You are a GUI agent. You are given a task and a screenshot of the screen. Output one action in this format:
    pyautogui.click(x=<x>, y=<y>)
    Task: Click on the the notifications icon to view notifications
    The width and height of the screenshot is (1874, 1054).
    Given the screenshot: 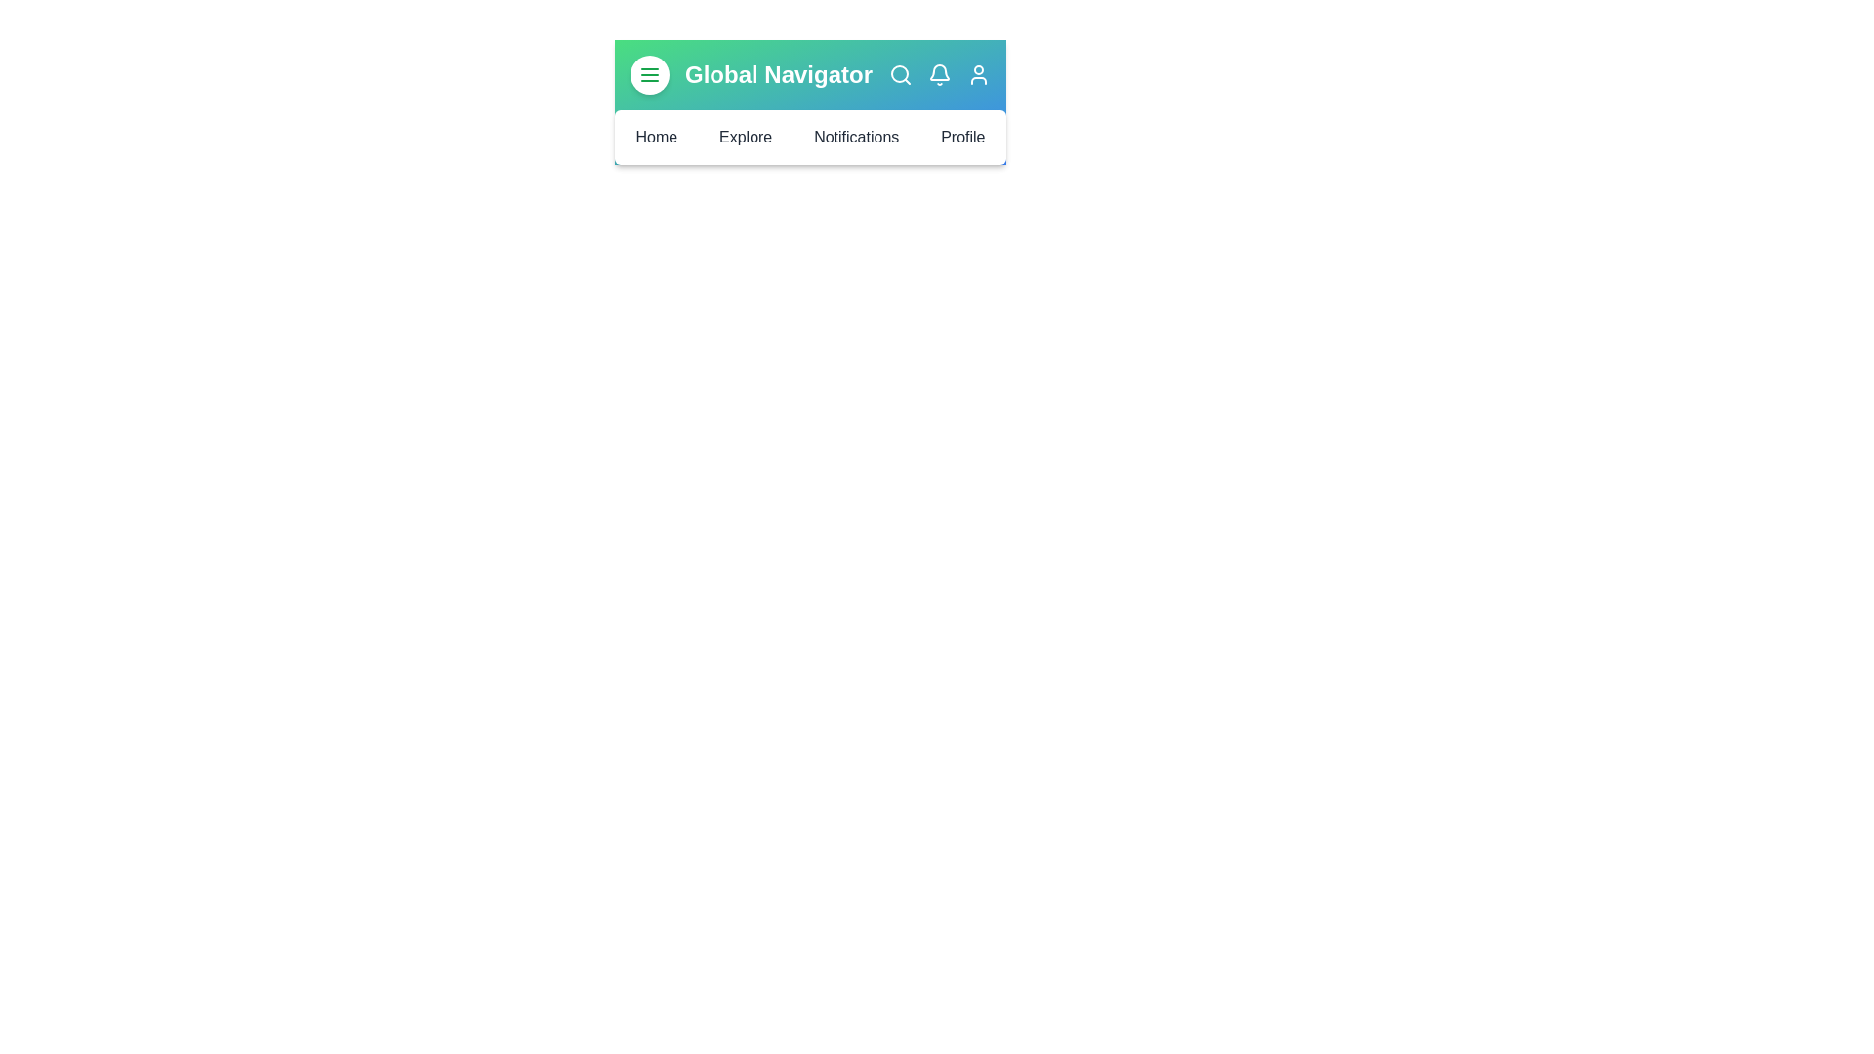 What is the action you would take?
    pyautogui.click(x=940, y=74)
    